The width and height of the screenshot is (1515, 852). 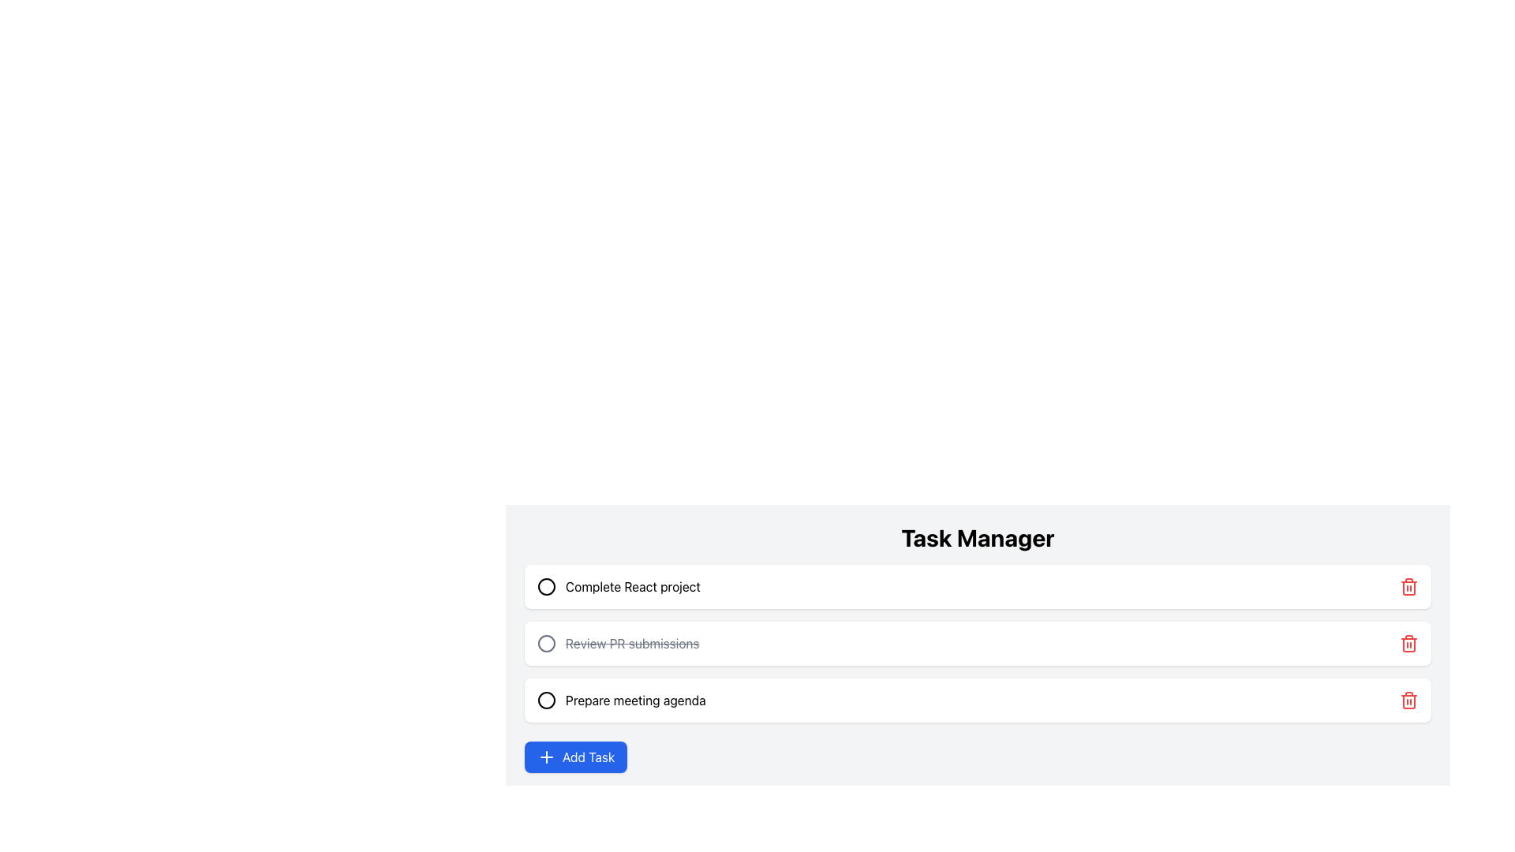 What do you see at coordinates (632, 644) in the screenshot?
I see `the completed task label in the task list, which is styled with a strikethrough and is positioned second among three tasks` at bounding box center [632, 644].